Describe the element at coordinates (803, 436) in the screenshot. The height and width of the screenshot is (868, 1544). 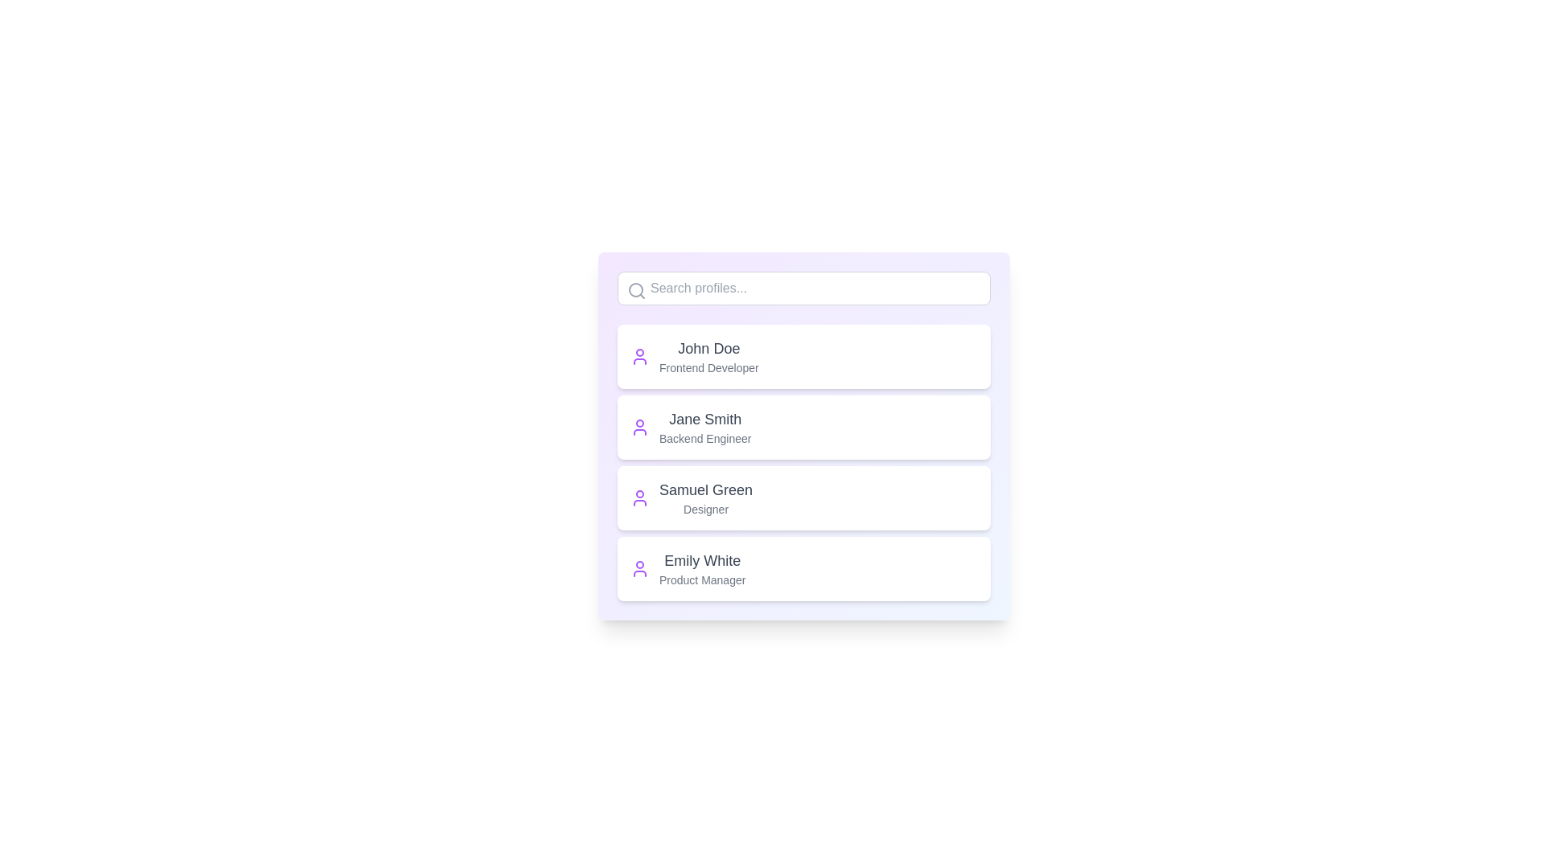
I see `the list item displaying 'Jane Smith' with the job title 'Backend Engineer'` at that location.